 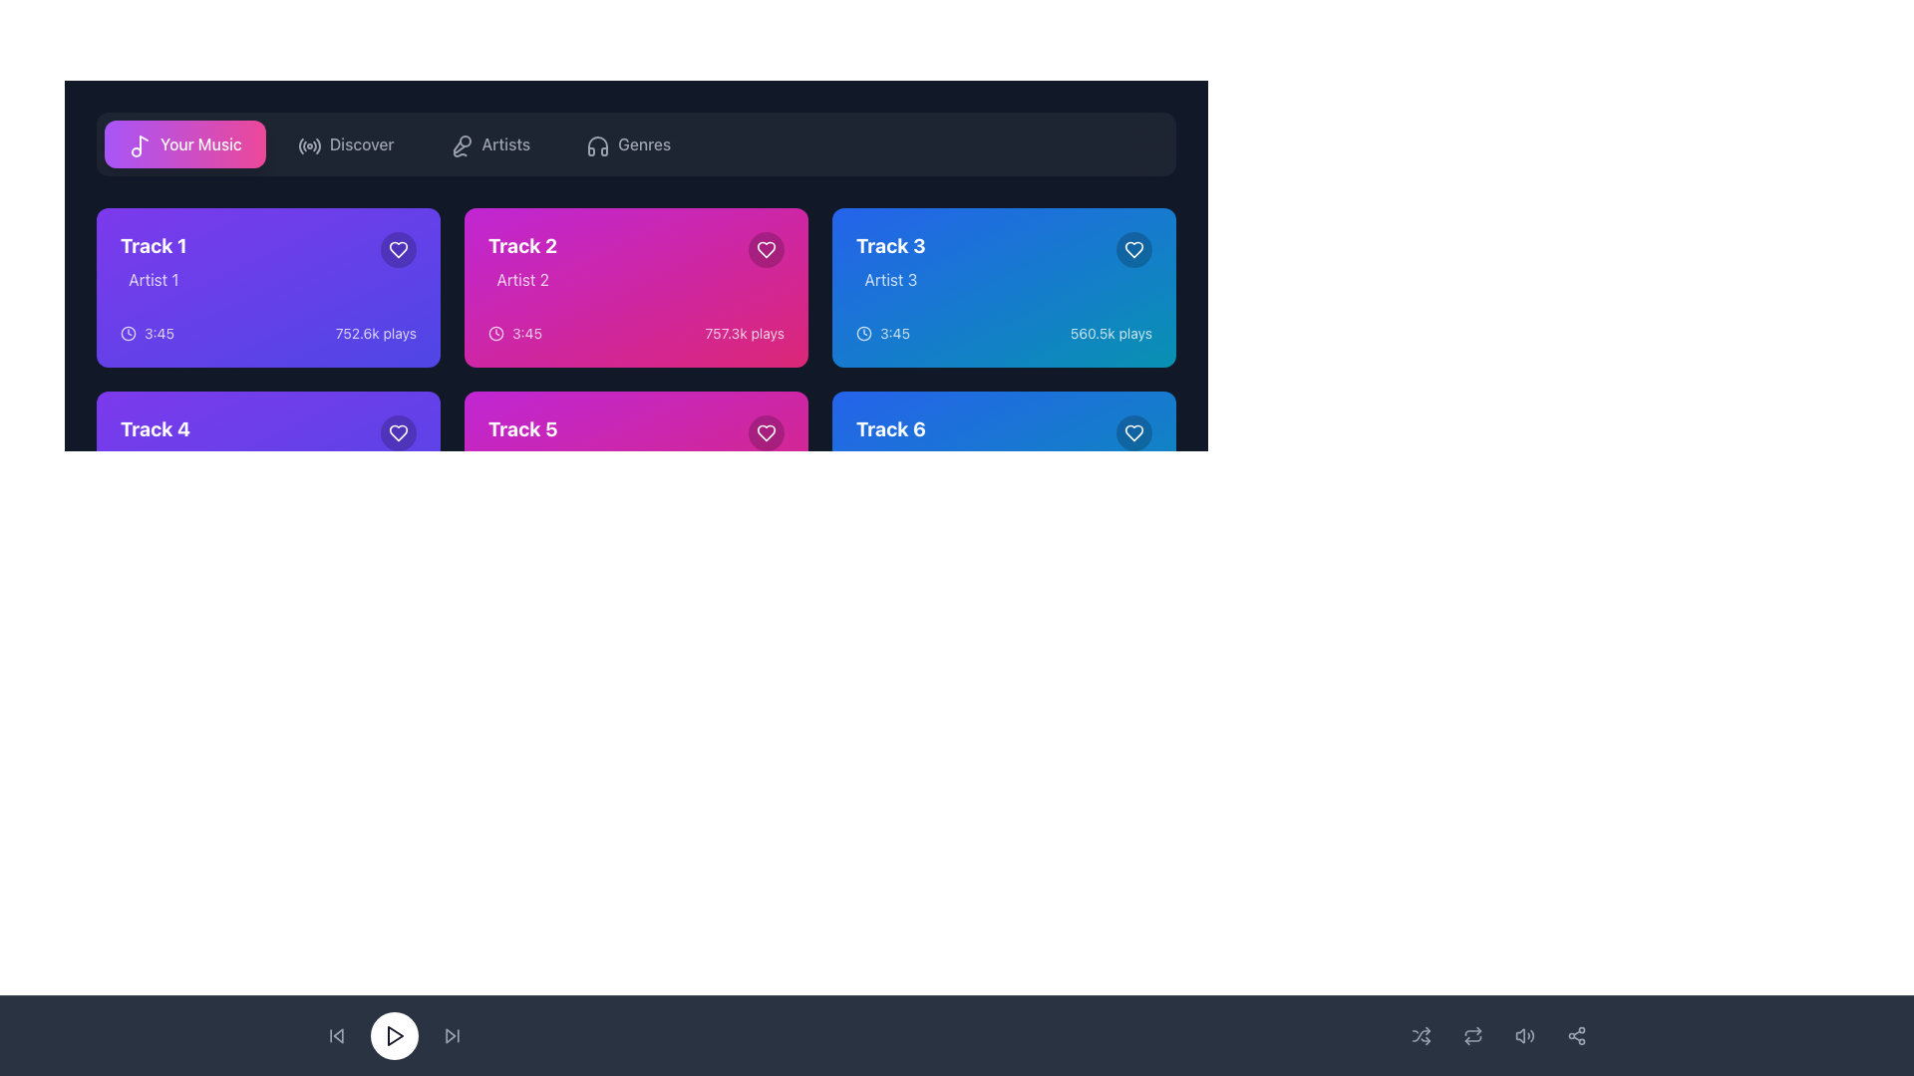 I want to click on the circular icon resembling a radio signal located within the 'Discover' button in the top navigation bar, so click(x=306, y=143).